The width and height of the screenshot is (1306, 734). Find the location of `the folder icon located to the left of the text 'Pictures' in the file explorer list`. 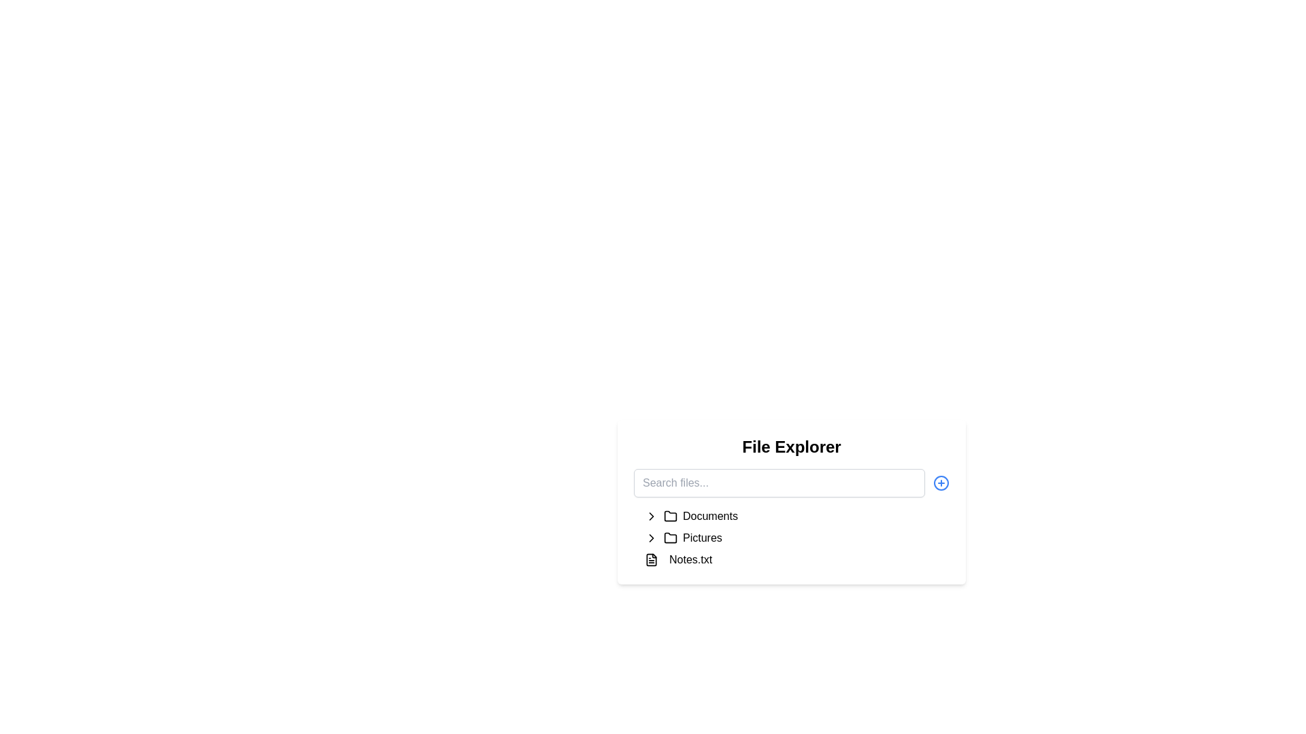

the folder icon located to the left of the text 'Pictures' in the file explorer list is located at coordinates (670, 536).